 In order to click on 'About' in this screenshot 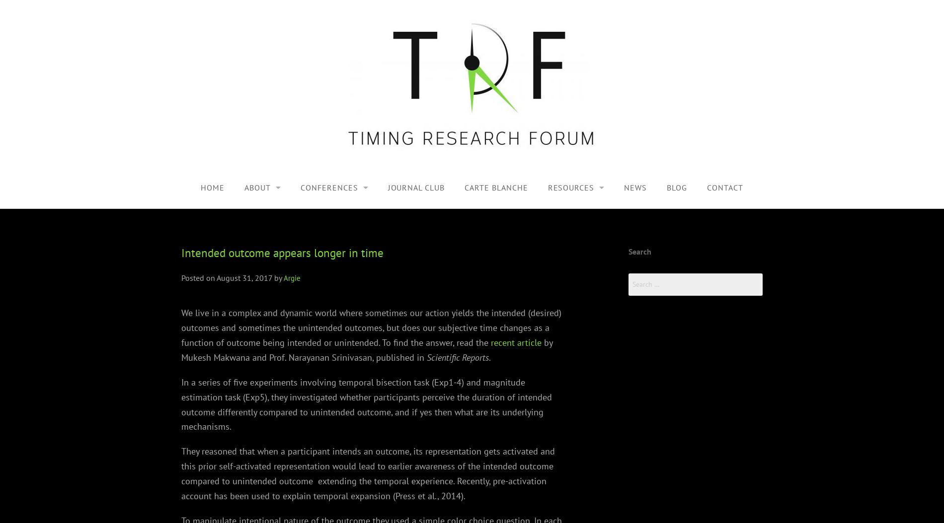, I will do `click(244, 187)`.